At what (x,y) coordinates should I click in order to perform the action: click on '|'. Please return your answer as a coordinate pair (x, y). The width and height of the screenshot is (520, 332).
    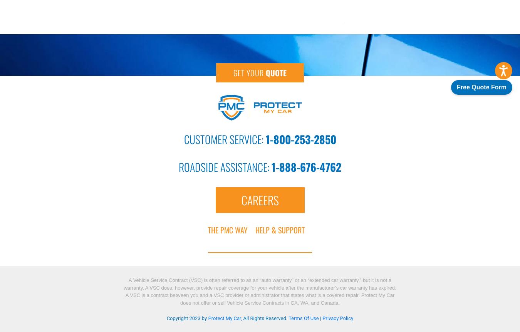
    Looking at the image, I should click on (320, 318).